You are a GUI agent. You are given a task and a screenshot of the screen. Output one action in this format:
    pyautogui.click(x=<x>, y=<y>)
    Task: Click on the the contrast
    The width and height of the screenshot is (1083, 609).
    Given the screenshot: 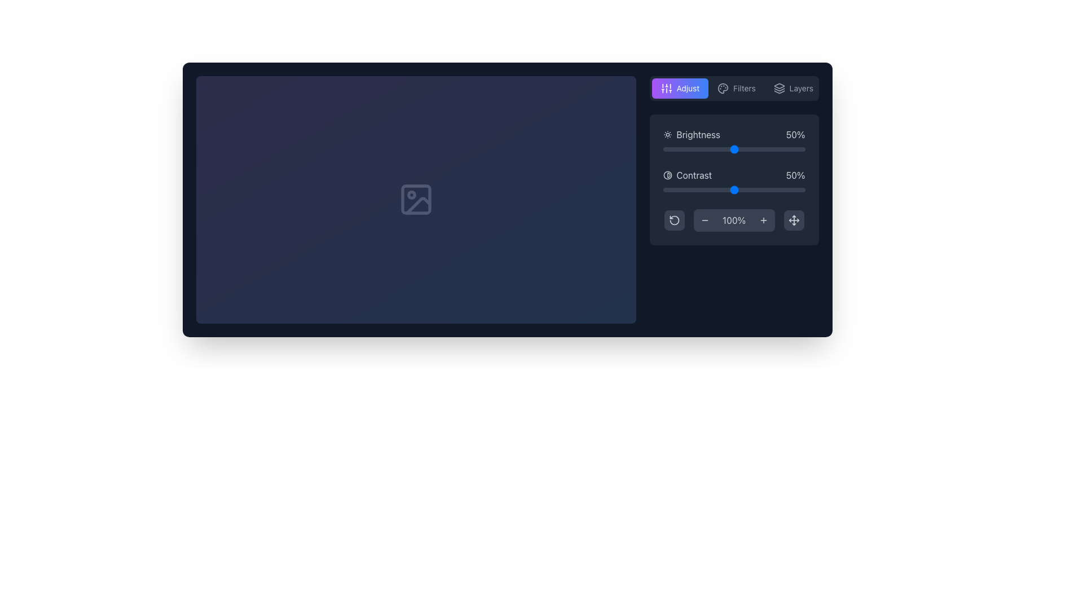 What is the action you would take?
    pyautogui.click(x=689, y=189)
    